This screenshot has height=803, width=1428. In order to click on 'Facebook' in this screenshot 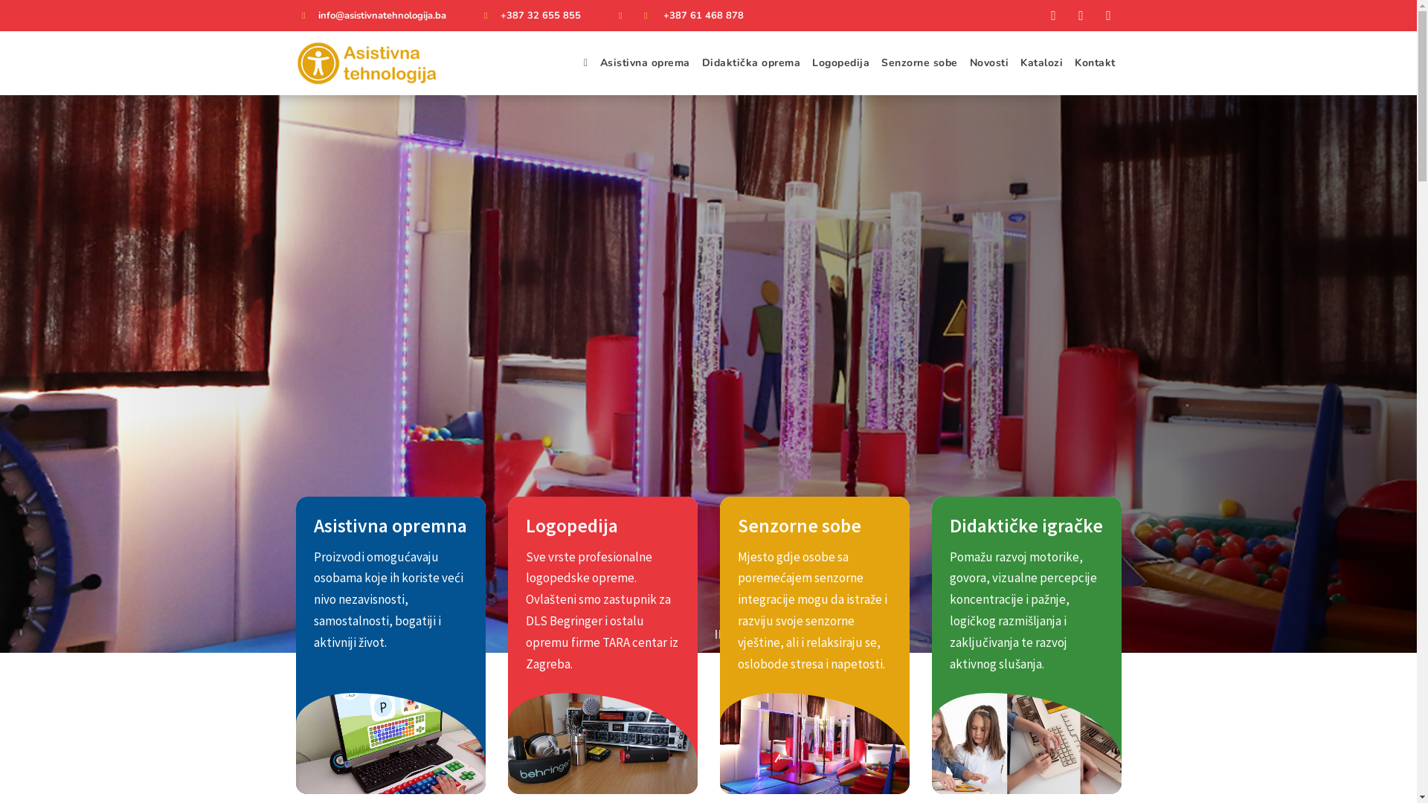, I will do `click(1041, 15)`.